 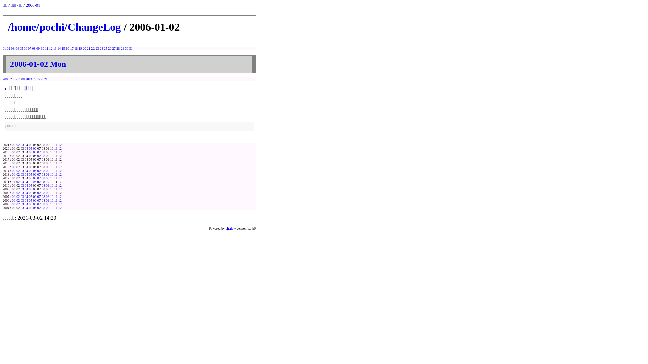 What do you see at coordinates (18, 193) in the screenshot?
I see `'02'` at bounding box center [18, 193].